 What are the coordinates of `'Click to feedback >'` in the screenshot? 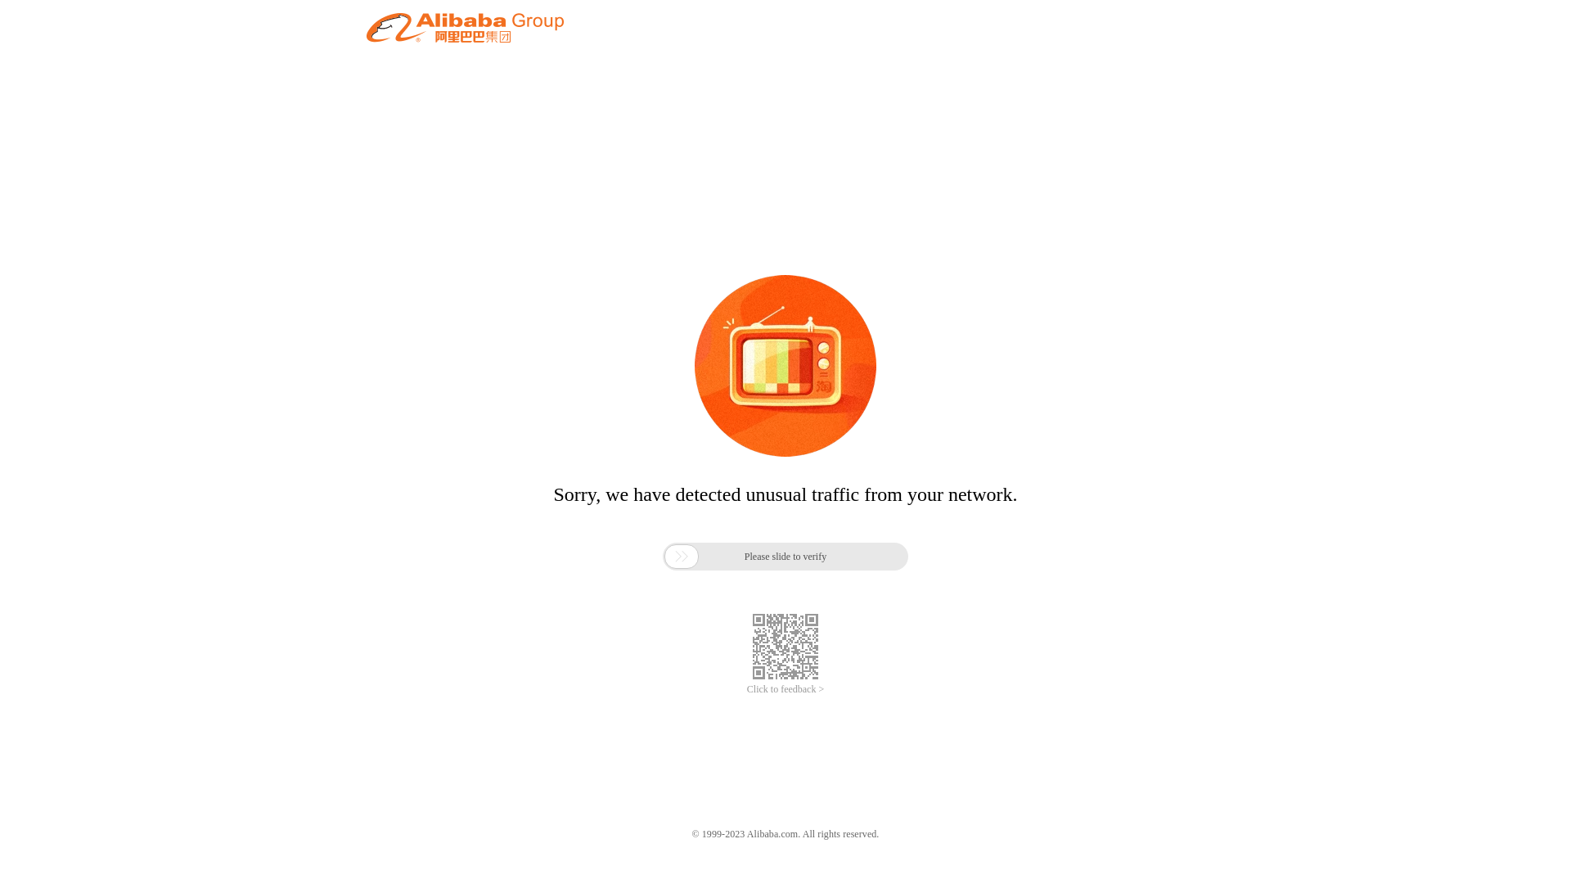 It's located at (785, 689).